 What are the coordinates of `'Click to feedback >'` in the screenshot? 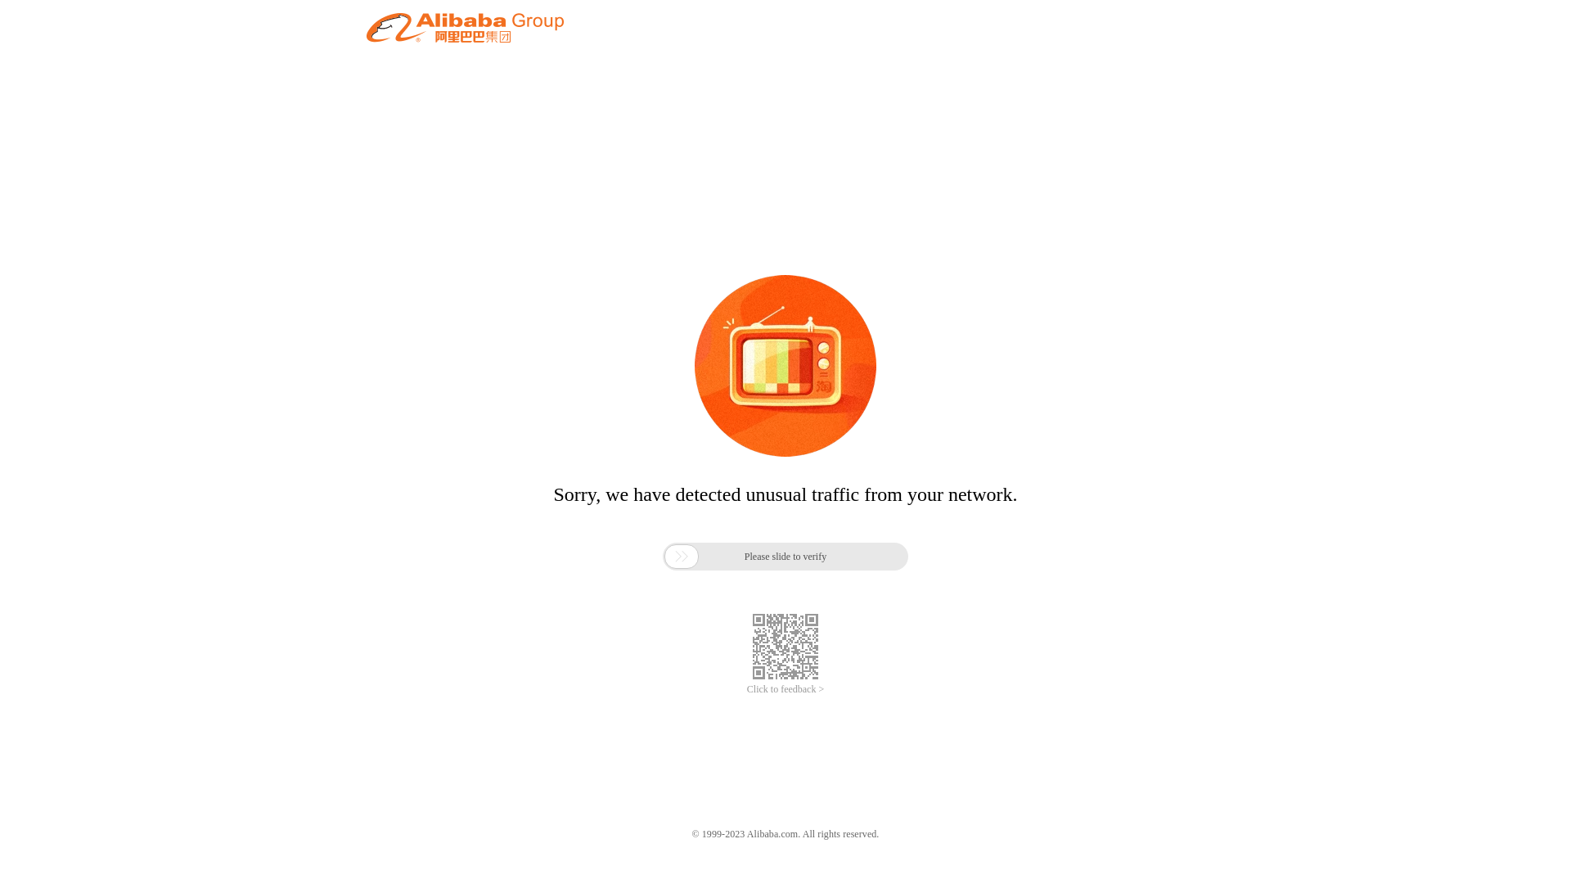 It's located at (785, 689).